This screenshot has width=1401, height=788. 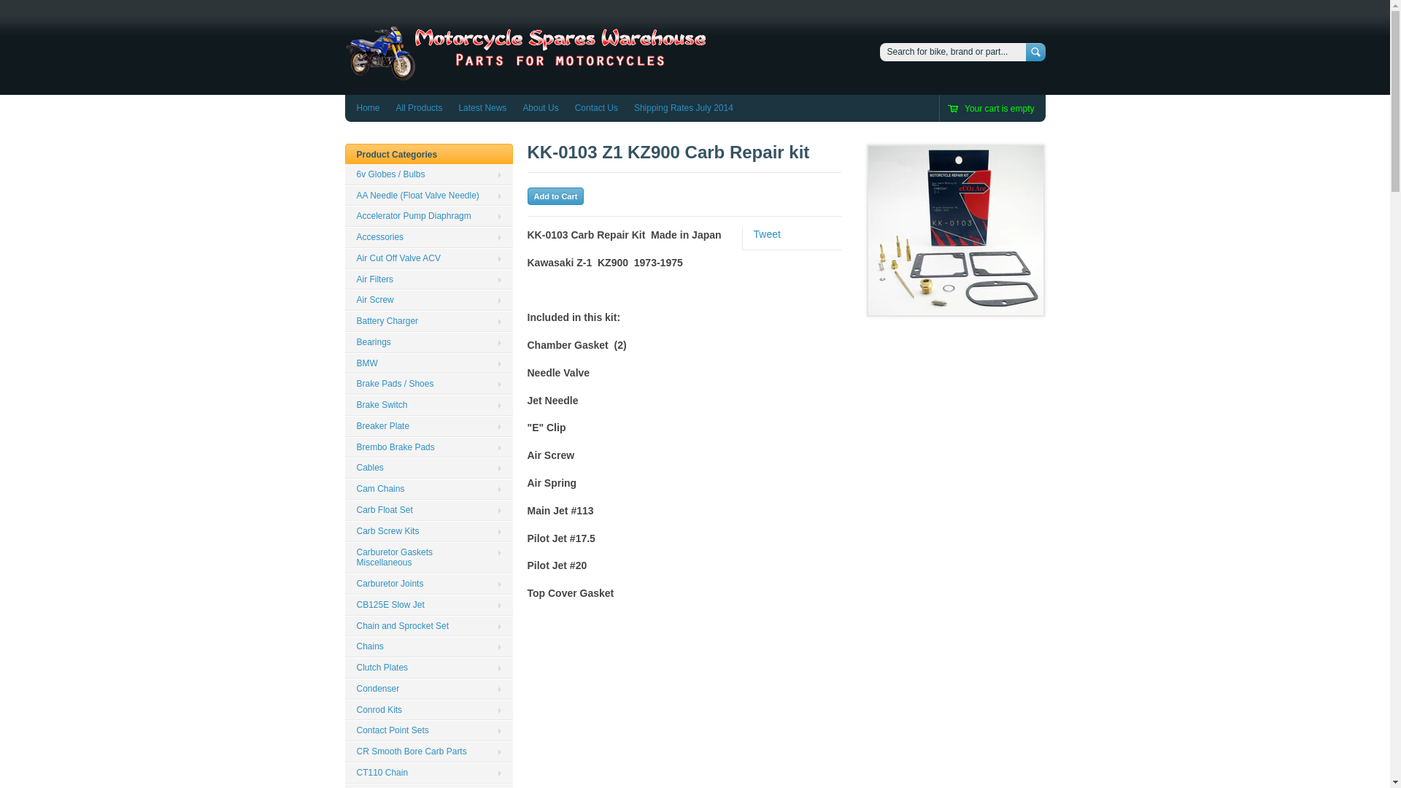 What do you see at coordinates (427, 258) in the screenshot?
I see `'Air Cut Off Valve ACV'` at bounding box center [427, 258].